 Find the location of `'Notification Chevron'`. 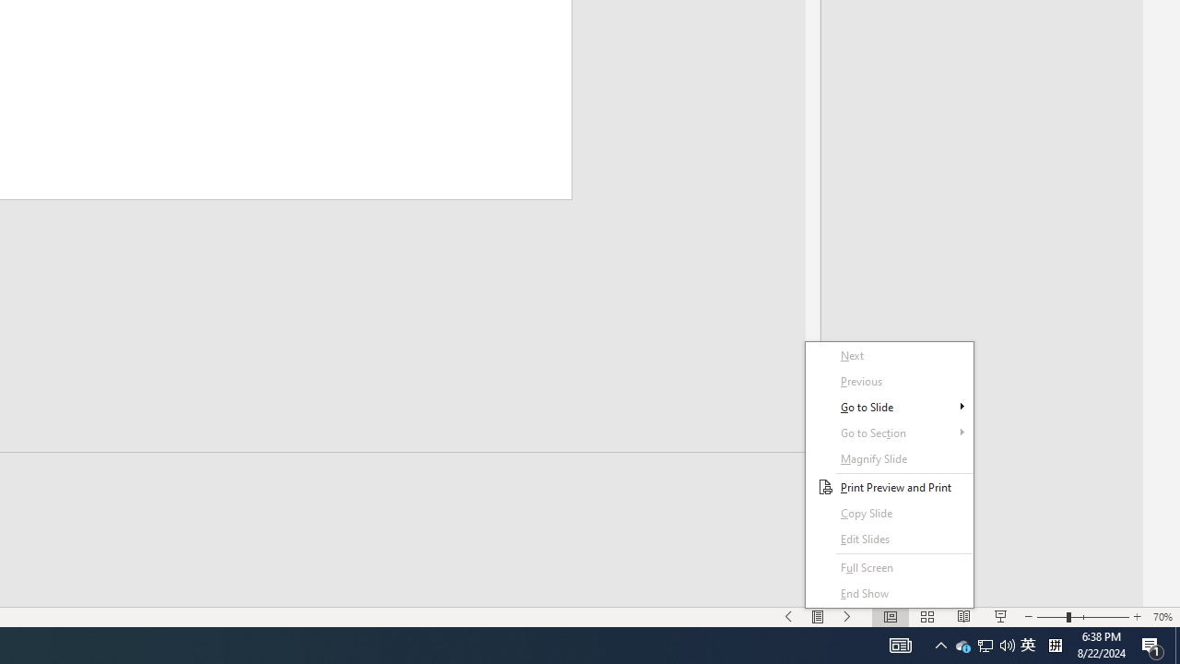

'Notification Chevron' is located at coordinates (940, 644).